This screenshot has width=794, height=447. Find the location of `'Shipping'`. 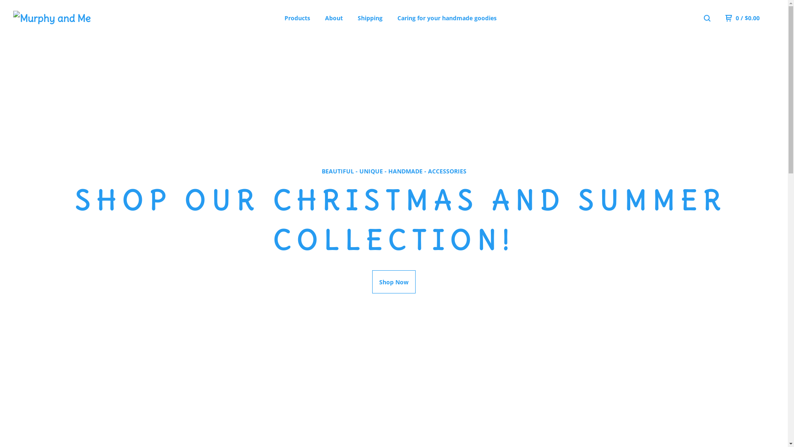

'Shipping' is located at coordinates (369, 18).